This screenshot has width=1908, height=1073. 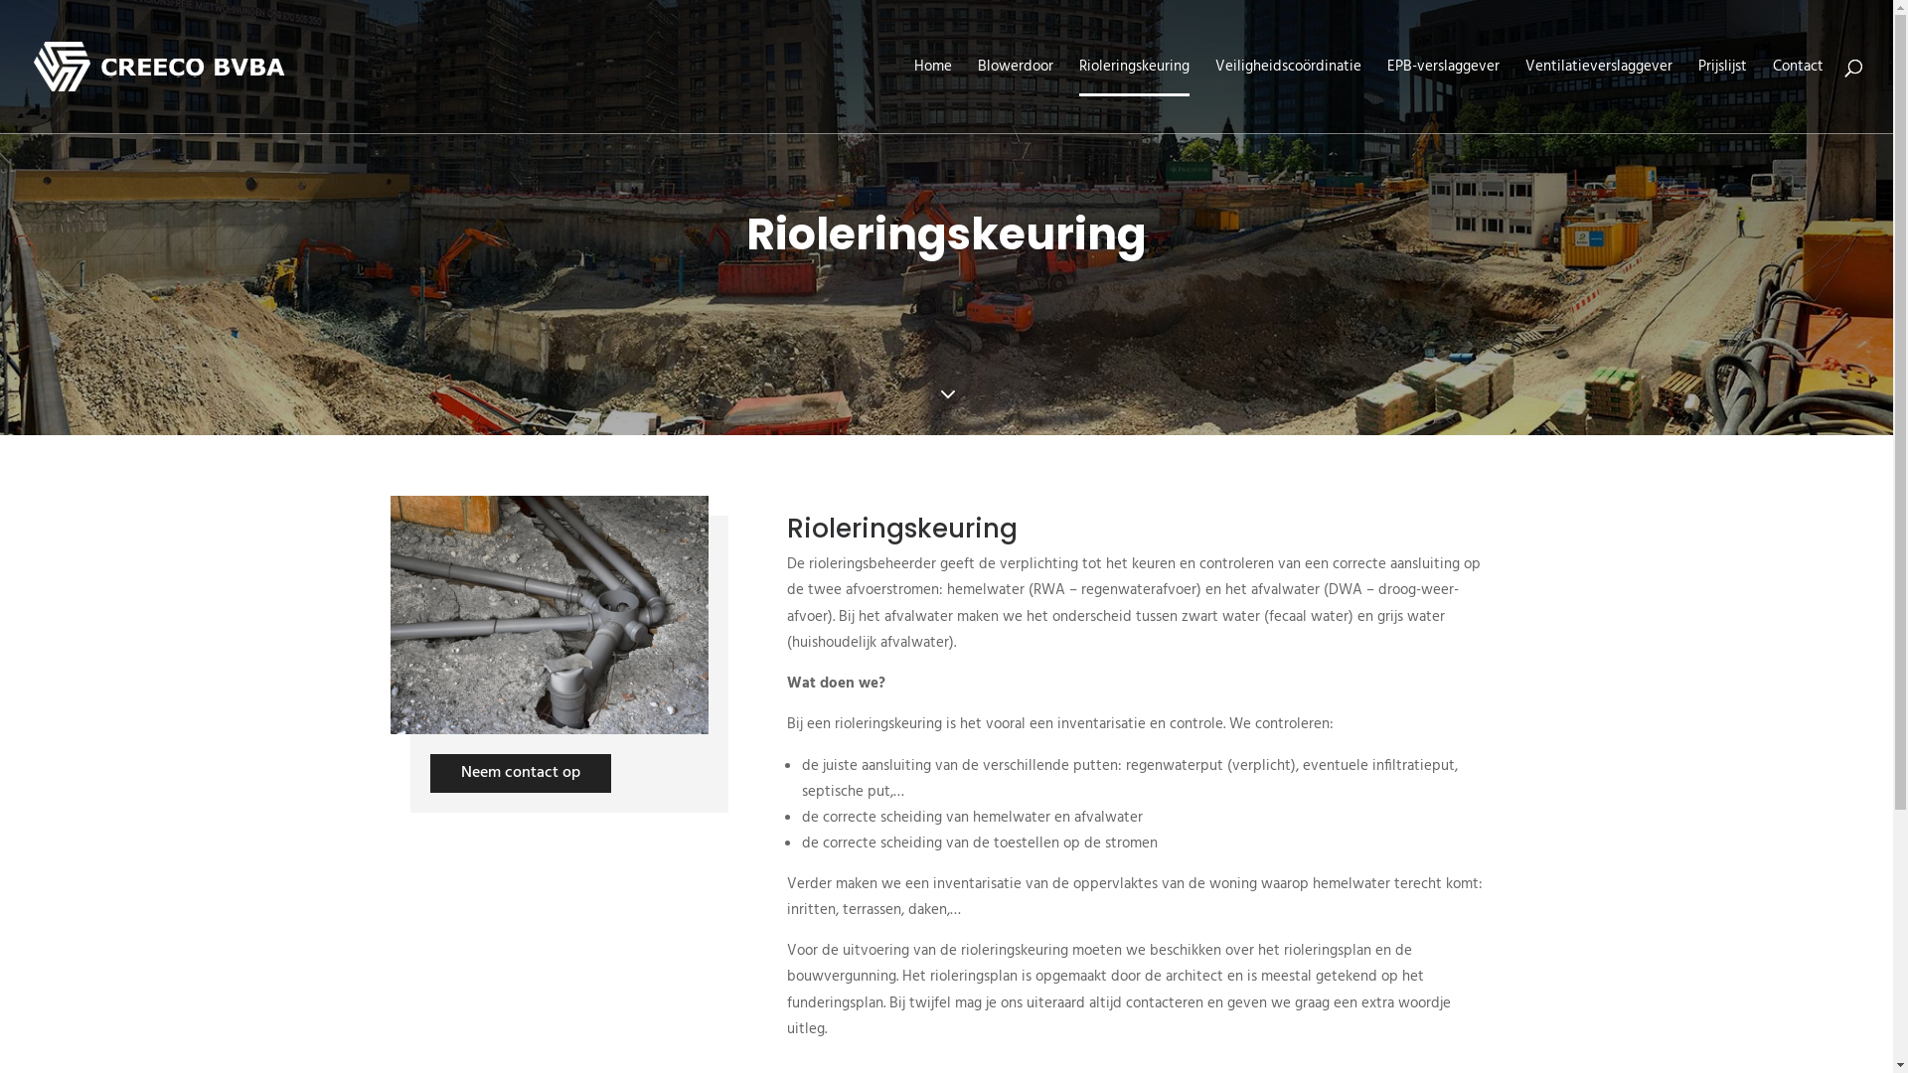 I want to click on 'EPB-verslaggever', so click(x=1443, y=95).